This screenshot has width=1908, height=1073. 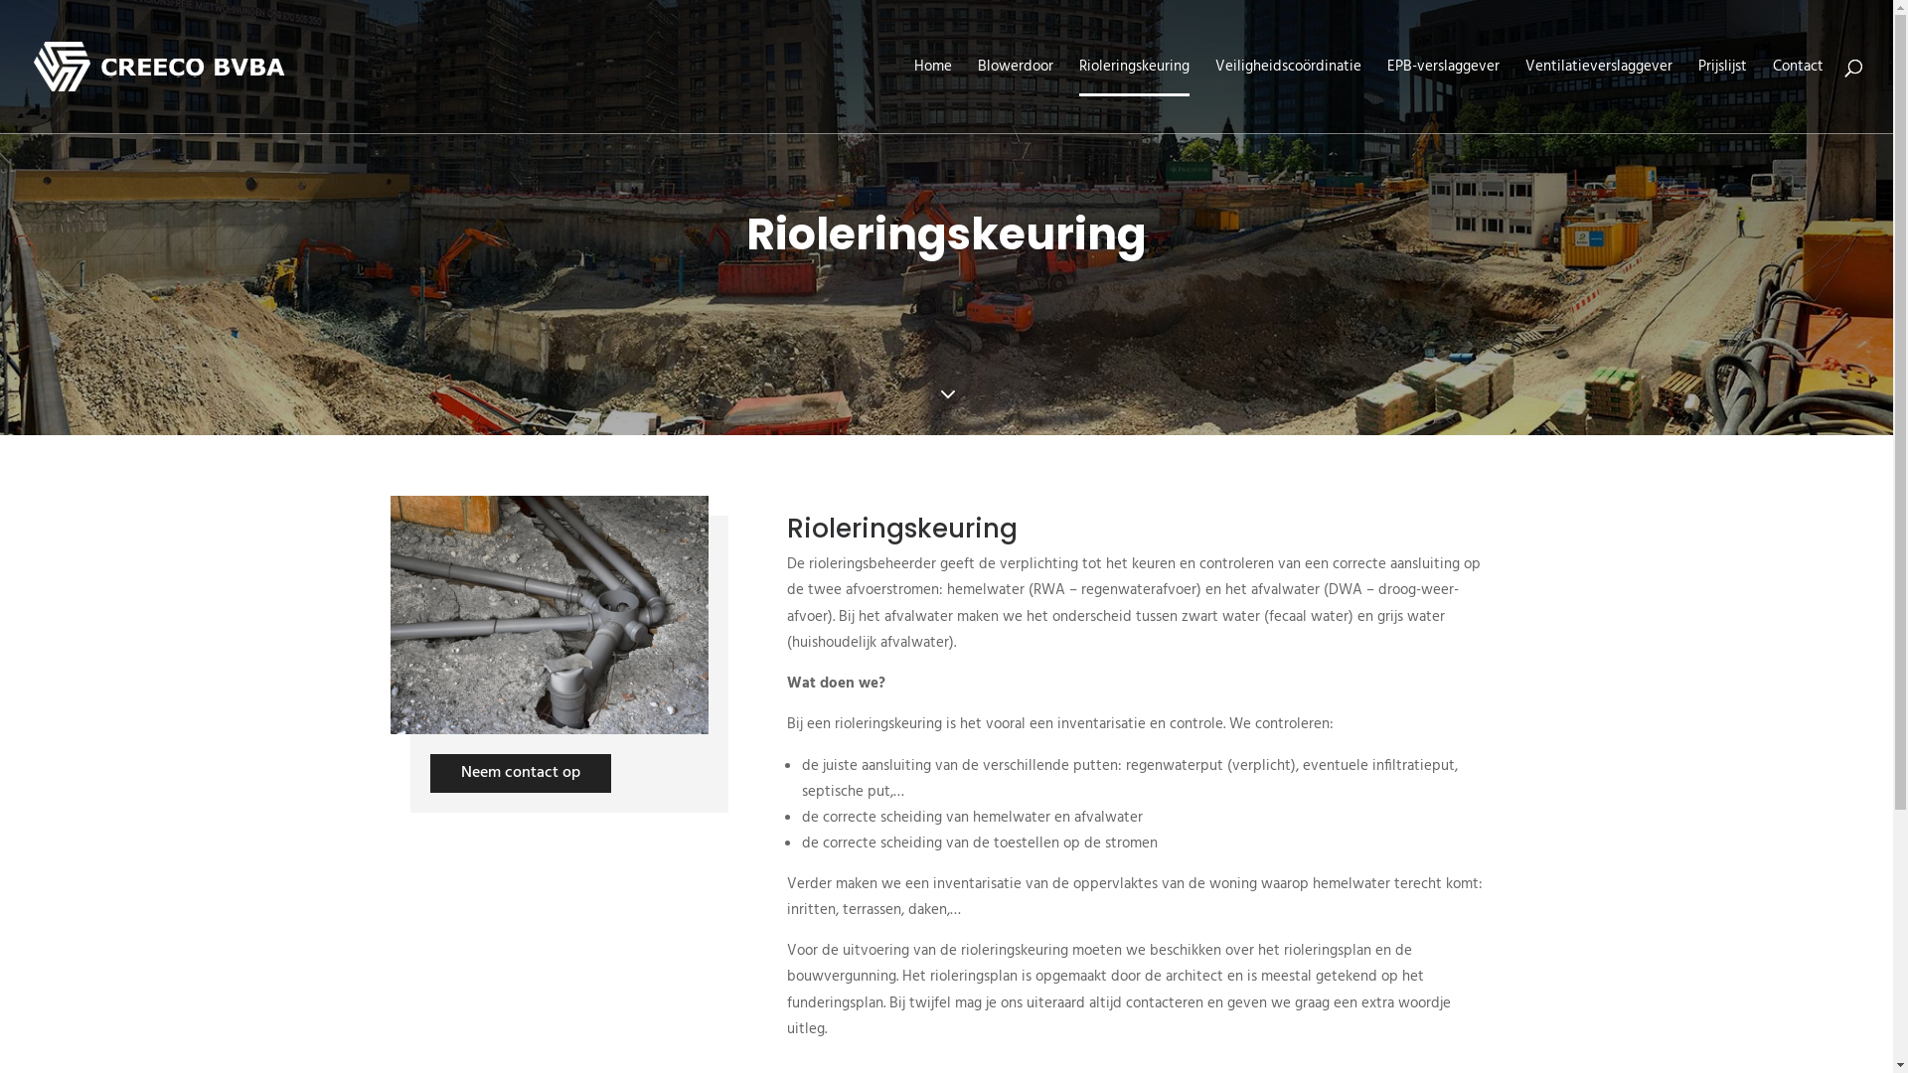 I want to click on 'EPB-verslaggever', so click(x=1443, y=95).